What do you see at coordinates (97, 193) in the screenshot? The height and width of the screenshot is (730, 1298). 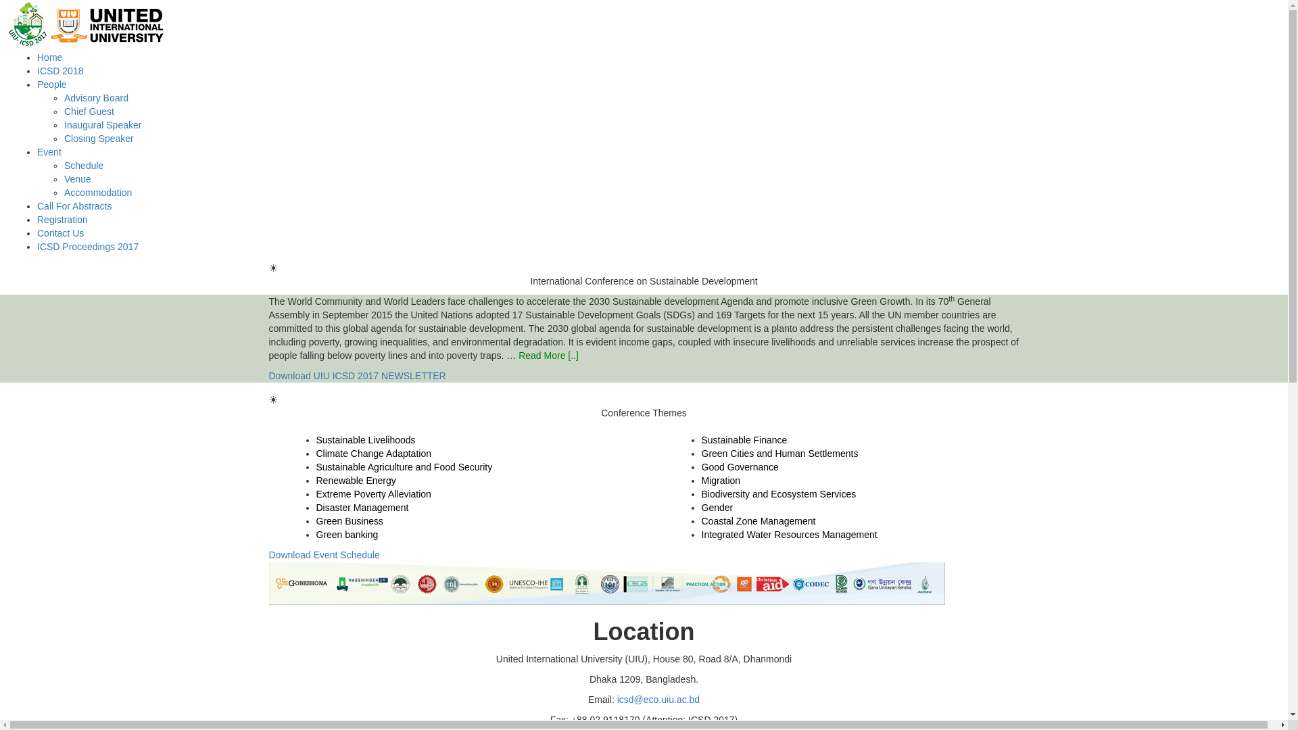 I see `'Accommodation'` at bounding box center [97, 193].